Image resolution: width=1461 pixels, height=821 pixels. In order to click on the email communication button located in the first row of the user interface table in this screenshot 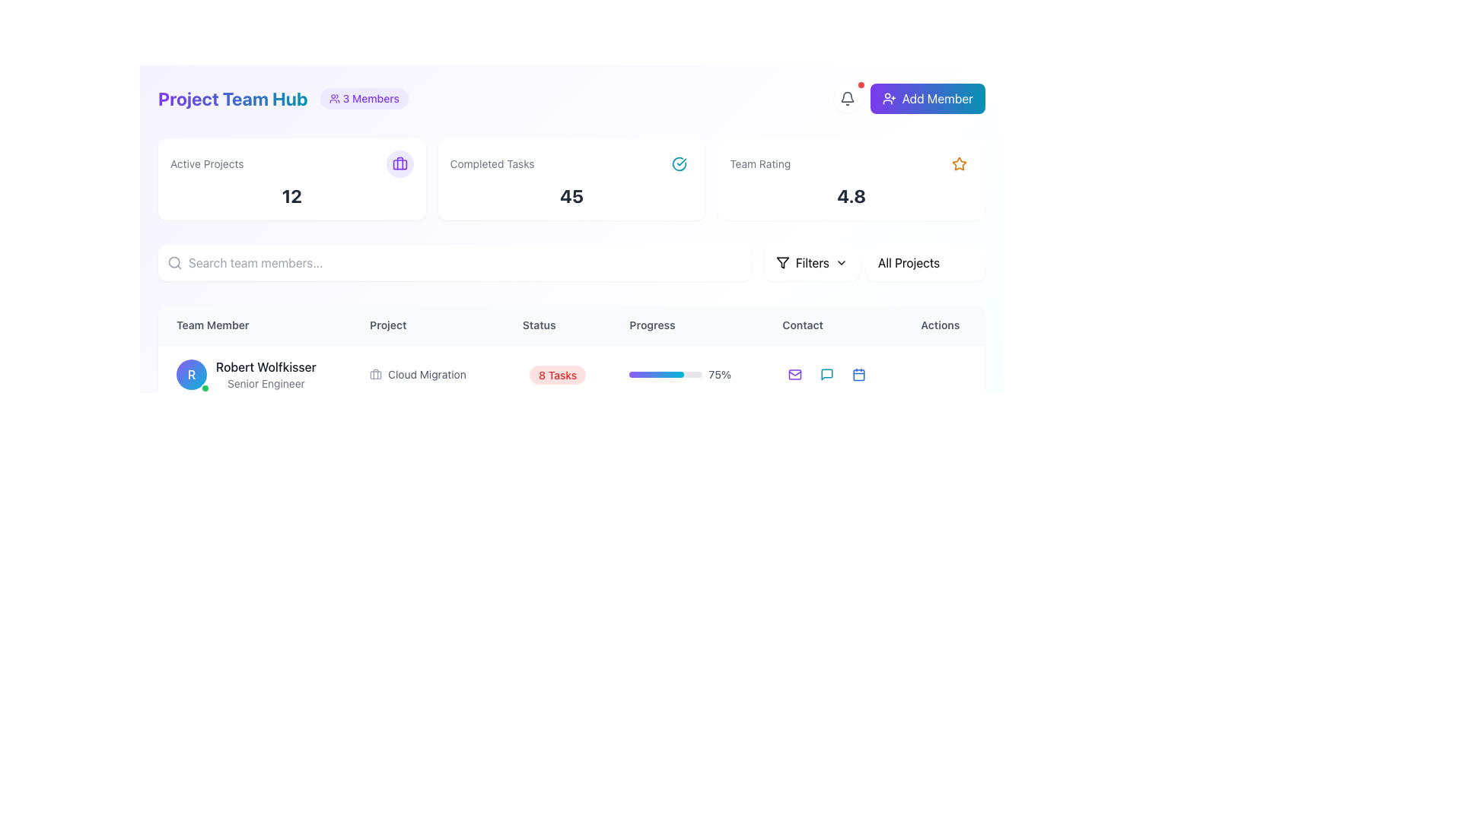, I will do `click(794, 375)`.